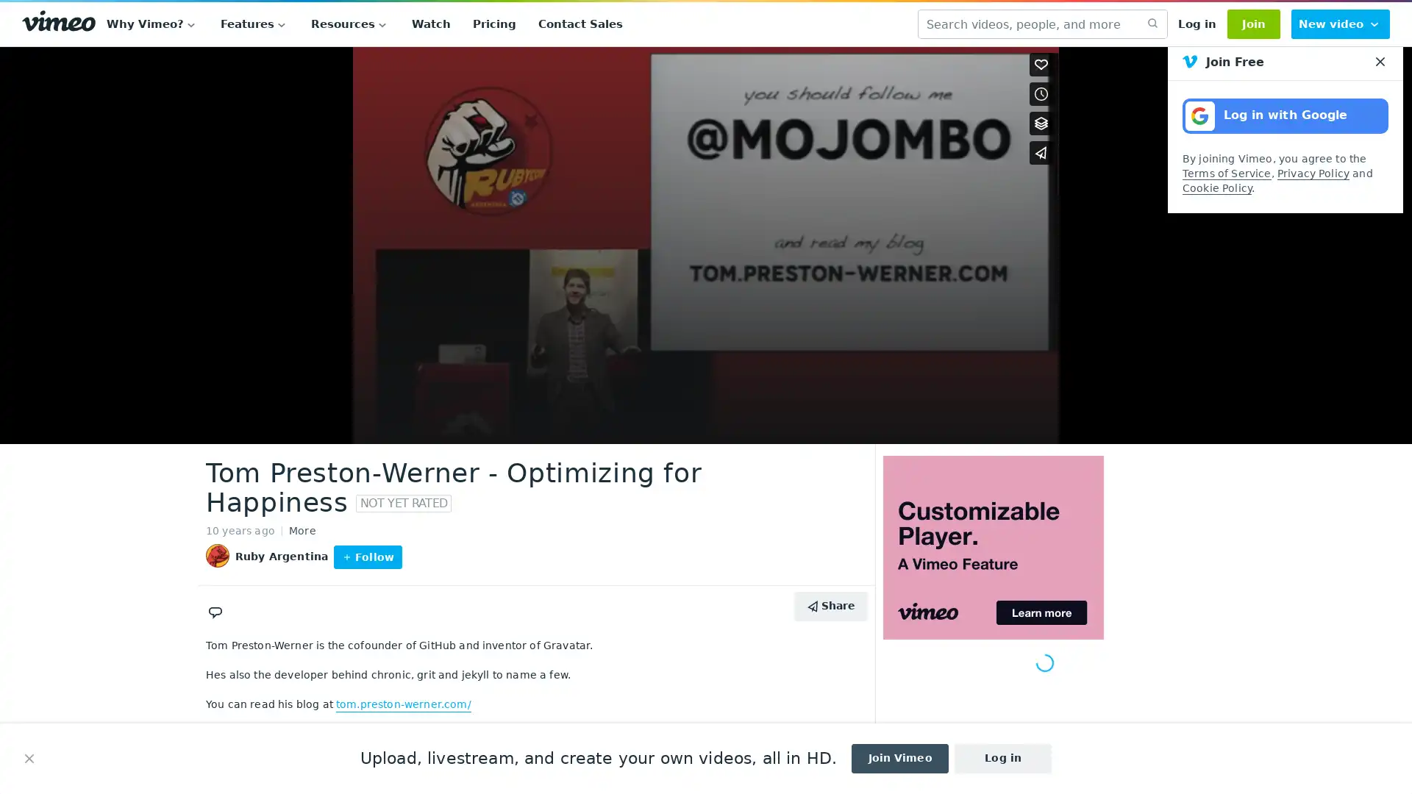 Image resolution: width=1412 pixels, height=794 pixels. Describe the element at coordinates (1197, 24) in the screenshot. I see `Log in` at that location.